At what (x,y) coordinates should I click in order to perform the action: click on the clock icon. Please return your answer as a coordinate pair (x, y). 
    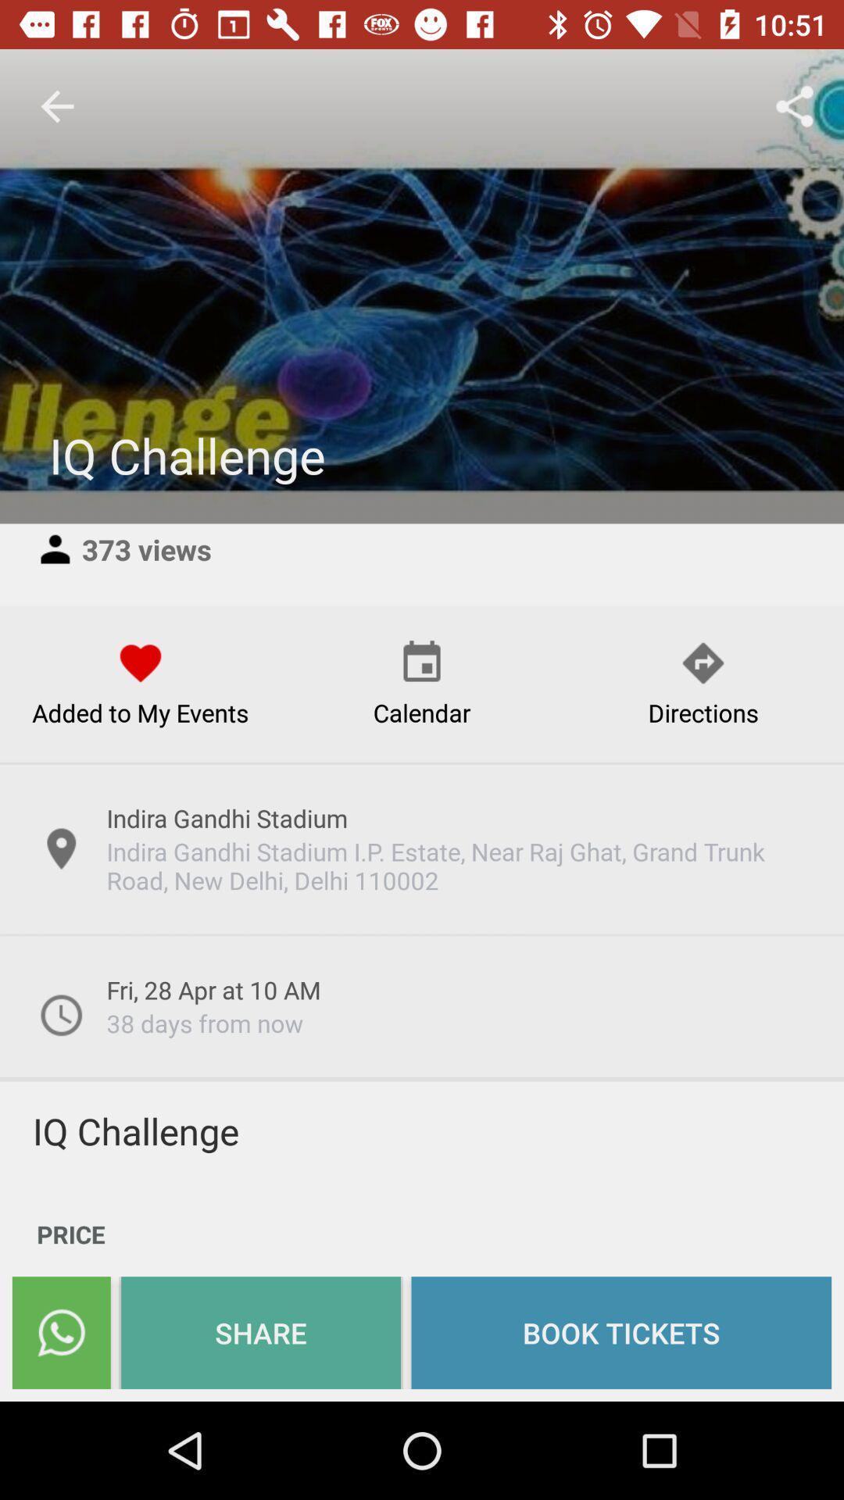
    Looking at the image, I should click on (60, 1015).